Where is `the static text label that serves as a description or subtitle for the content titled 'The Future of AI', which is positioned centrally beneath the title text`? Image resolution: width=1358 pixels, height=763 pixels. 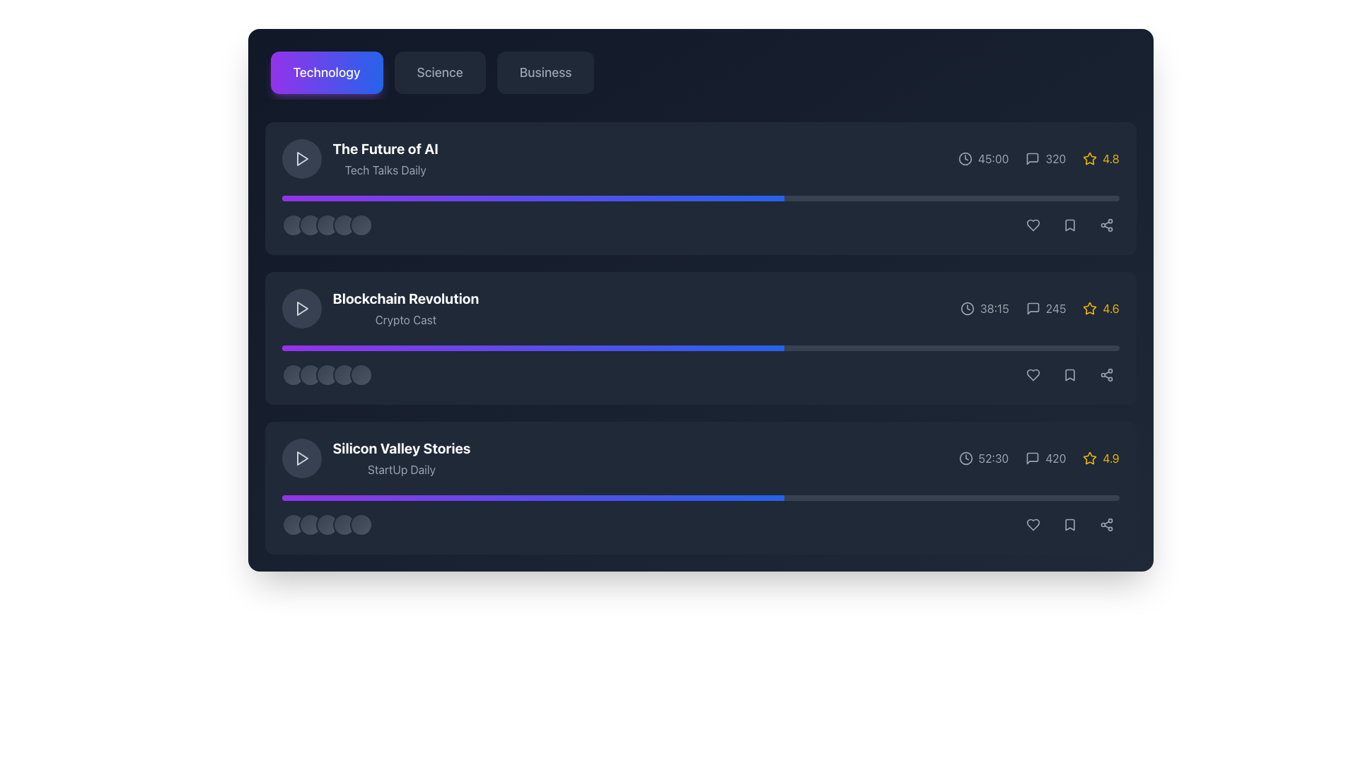 the static text label that serves as a description or subtitle for the content titled 'The Future of AI', which is positioned centrally beneath the title text is located at coordinates (385, 169).